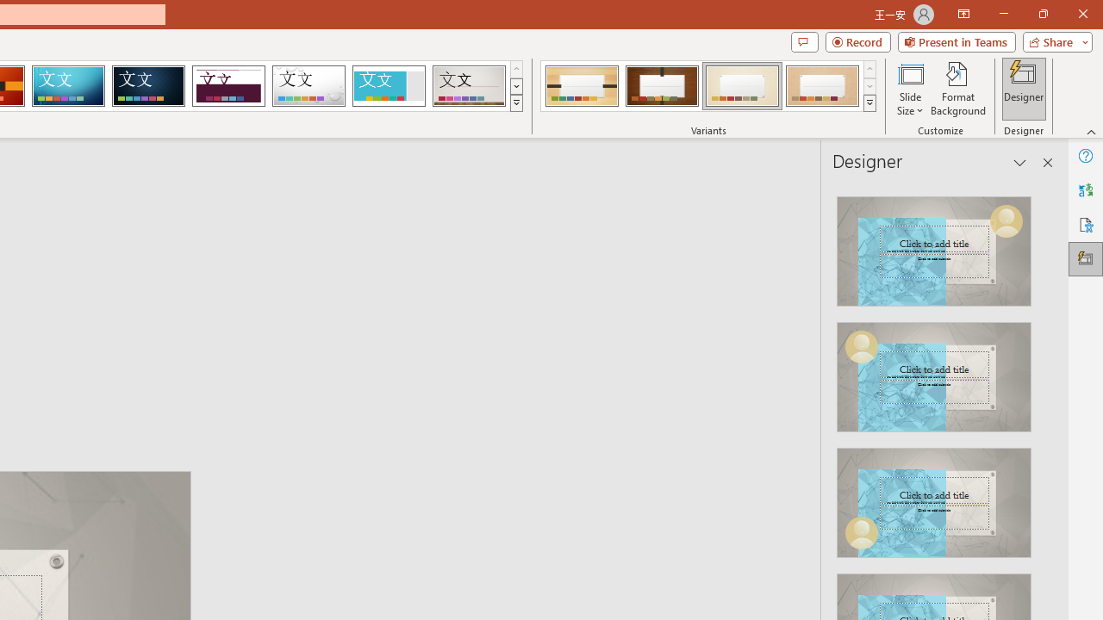 Image resolution: width=1103 pixels, height=620 pixels. Describe the element at coordinates (388, 86) in the screenshot. I see `'Frame'` at that location.